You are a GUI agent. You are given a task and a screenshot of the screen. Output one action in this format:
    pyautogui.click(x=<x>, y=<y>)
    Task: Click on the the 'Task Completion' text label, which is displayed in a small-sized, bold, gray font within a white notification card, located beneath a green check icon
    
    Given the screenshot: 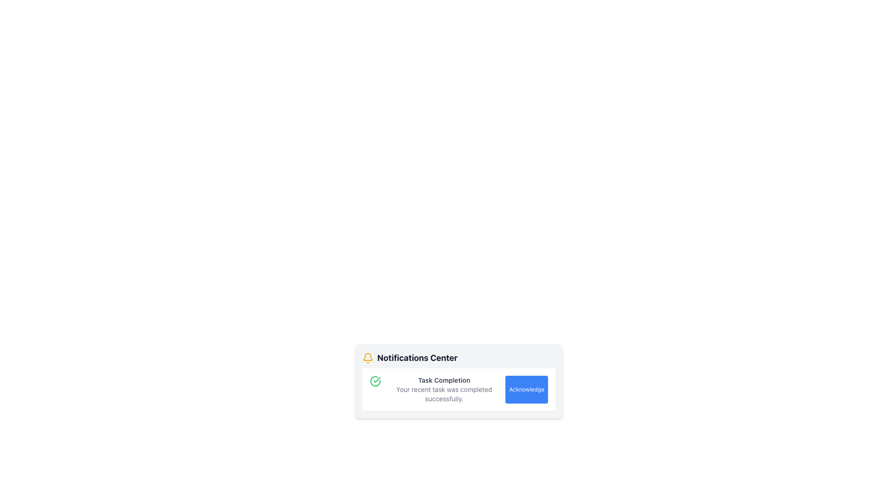 What is the action you would take?
    pyautogui.click(x=444, y=380)
    